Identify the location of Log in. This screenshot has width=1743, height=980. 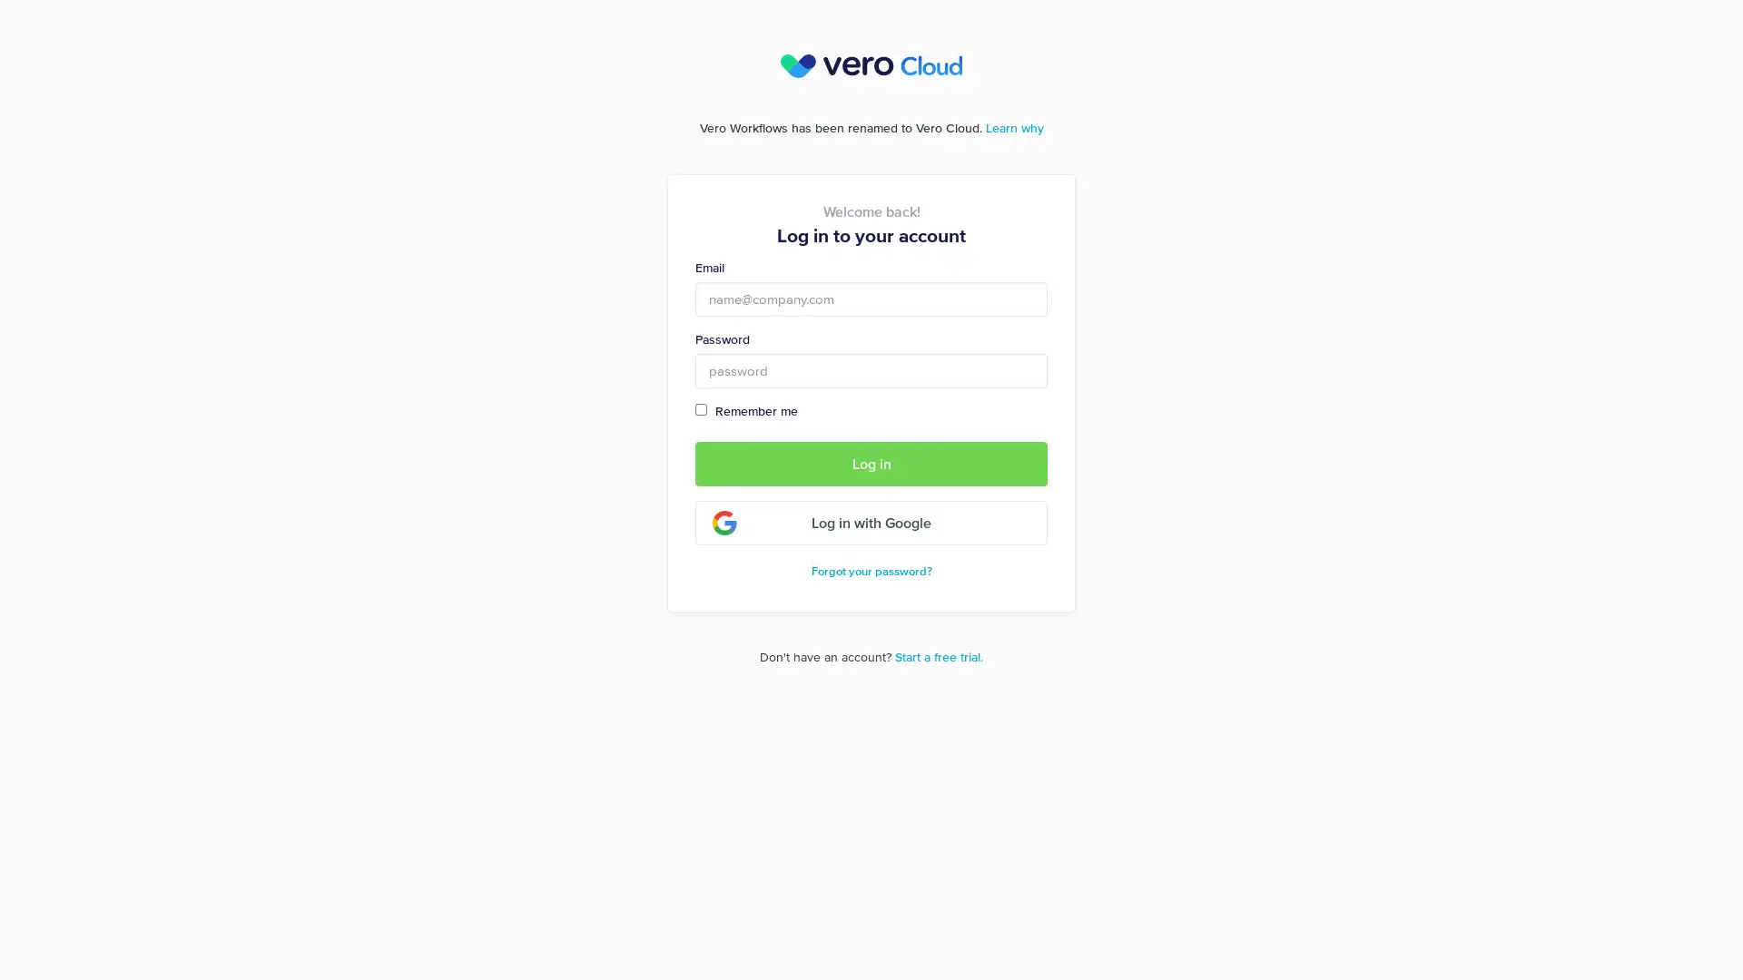
(871, 462).